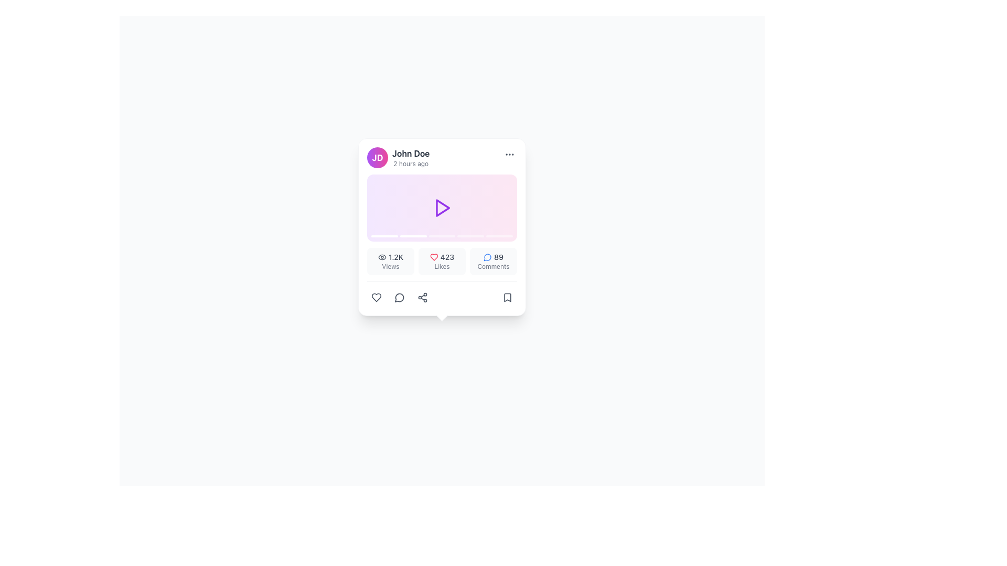  I want to click on the heart-shaped button in the bottom-left corner of the card, so click(377, 297).